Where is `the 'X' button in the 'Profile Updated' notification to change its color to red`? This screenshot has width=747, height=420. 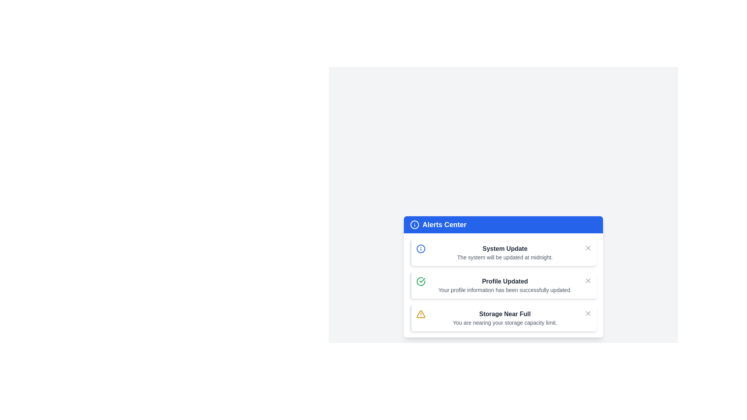 the 'X' button in the 'Profile Updated' notification to change its color to red is located at coordinates (588, 280).